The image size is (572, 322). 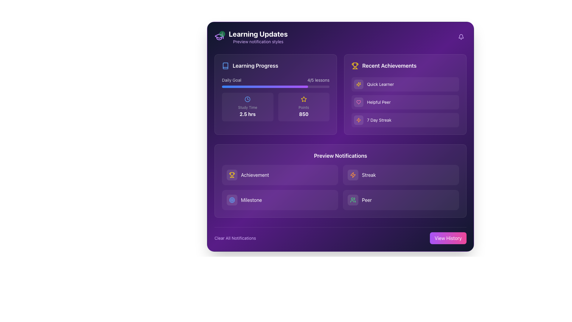 What do you see at coordinates (231, 200) in the screenshot?
I see `the target icon resembling concentric circles with a blue hue in the 'Preview Notifications' section` at bounding box center [231, 200].